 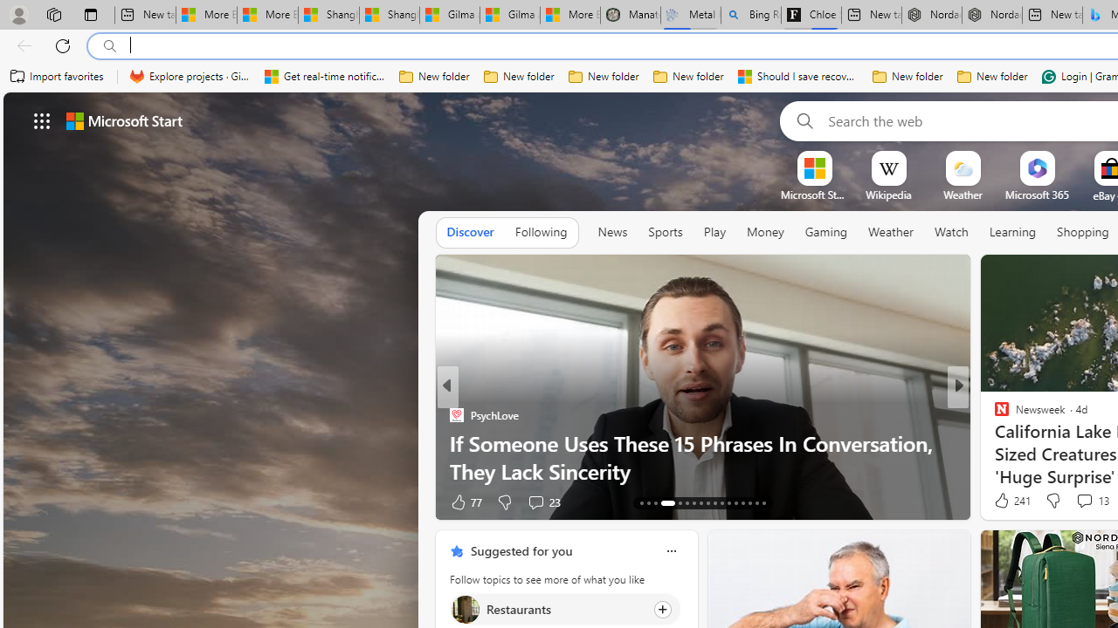 I want to click on '99 Like', so click(x=1004, y=502).